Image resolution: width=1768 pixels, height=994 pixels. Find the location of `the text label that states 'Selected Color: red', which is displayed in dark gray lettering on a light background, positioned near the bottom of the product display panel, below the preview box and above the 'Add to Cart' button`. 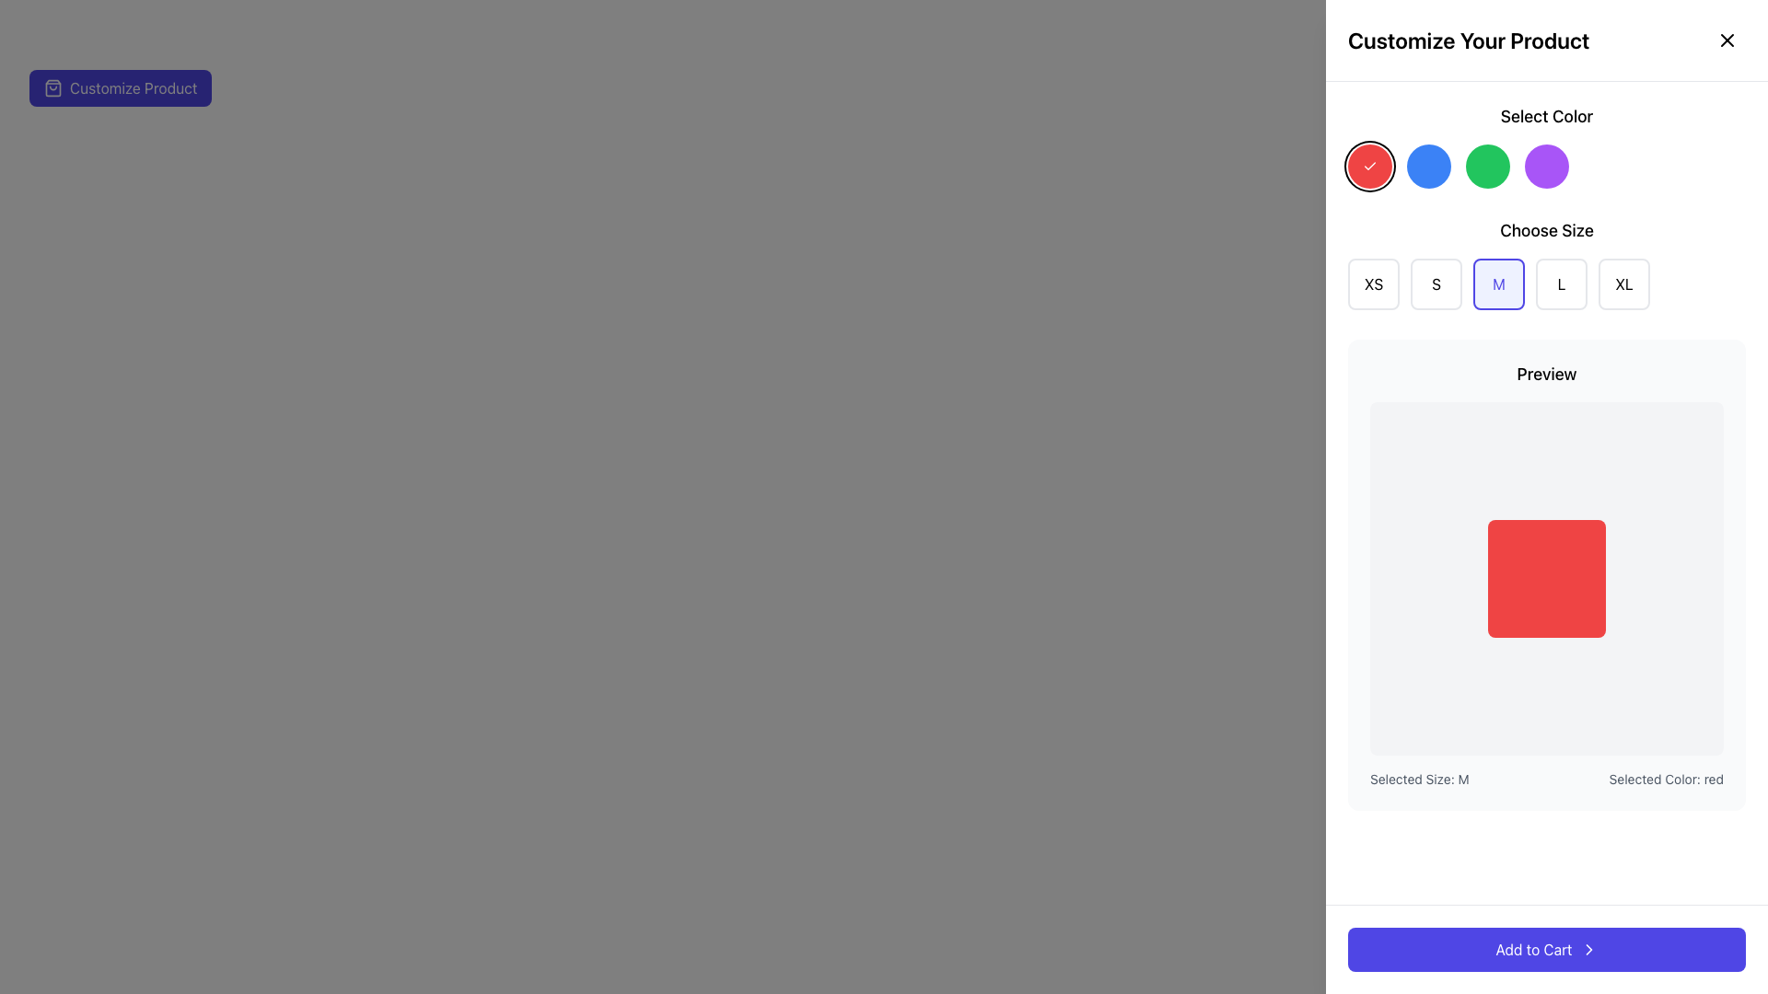

the text label that states 'Selected Color: red', which is displayed in dark gray lettering on a light background, positioned near the bottom of the product display panel, below the preview box and above the 'Add to Cart' button is located at coordinates (1666, 780).